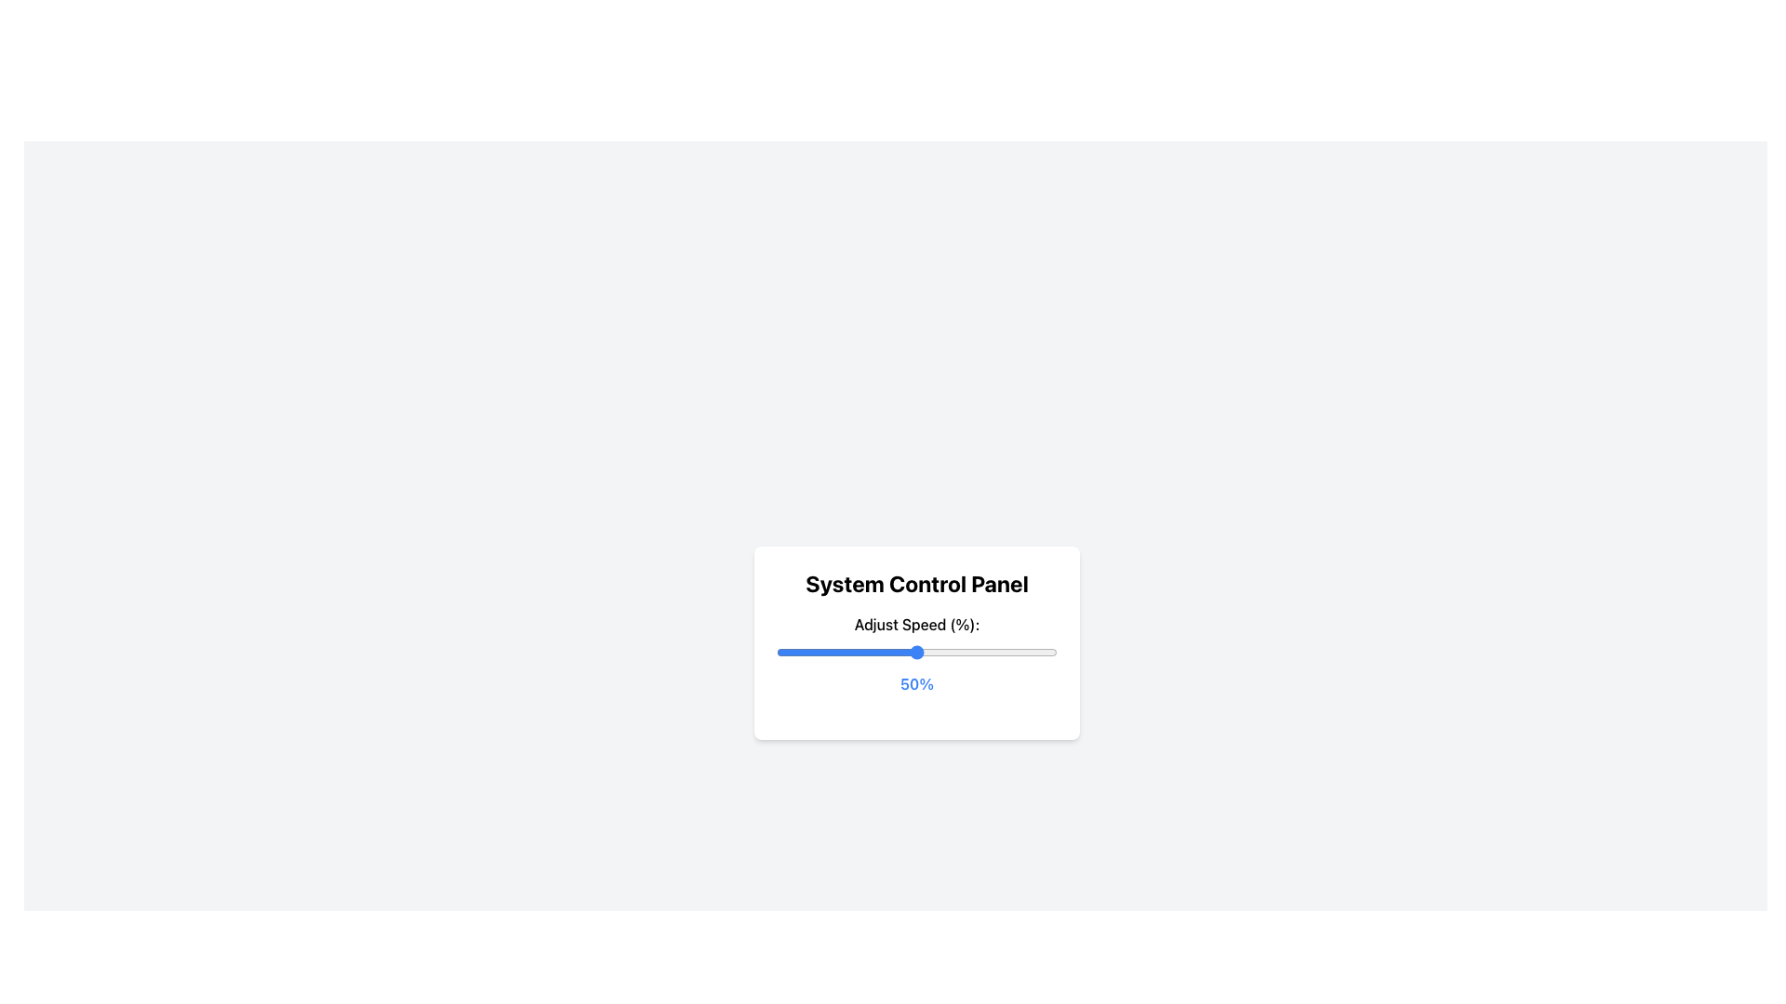 The height and width of the screenshot is (1004, 1786). Describe the element at coordinates (813, 652) in the screenshot. I see `the speed adjustment slider` at that location.